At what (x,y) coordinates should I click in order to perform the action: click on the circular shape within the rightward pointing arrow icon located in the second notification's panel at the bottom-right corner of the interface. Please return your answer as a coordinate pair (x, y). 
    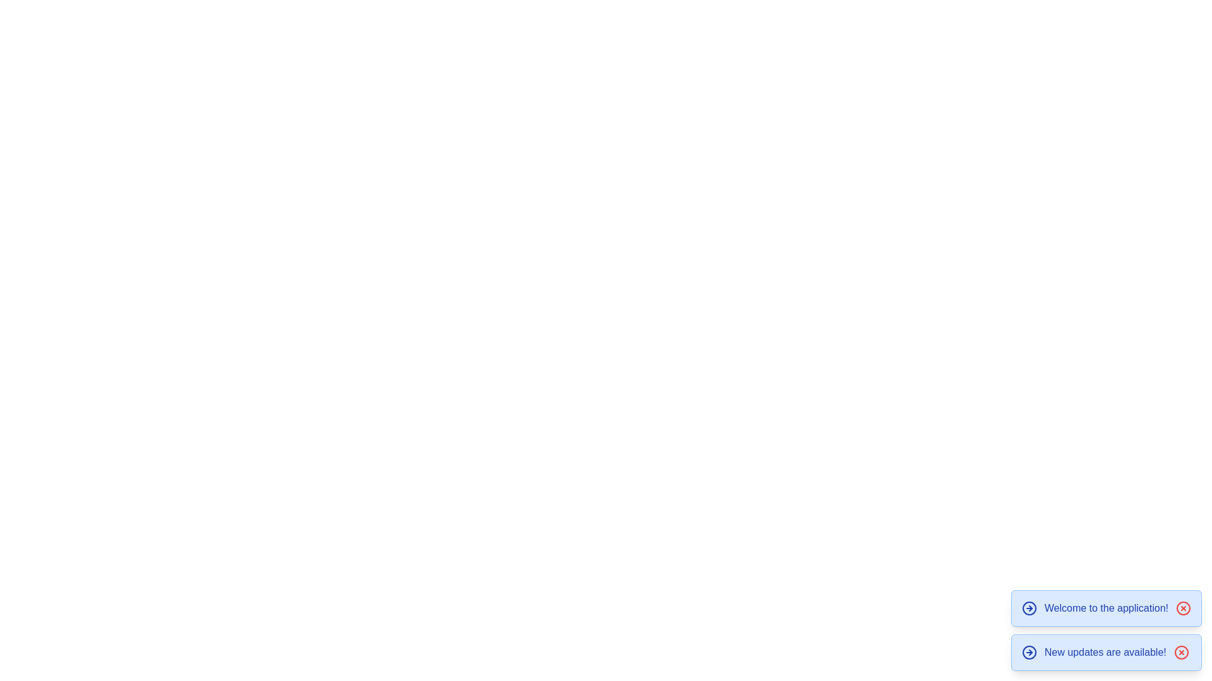
    Looking at the image, I should click on (1029, 652).